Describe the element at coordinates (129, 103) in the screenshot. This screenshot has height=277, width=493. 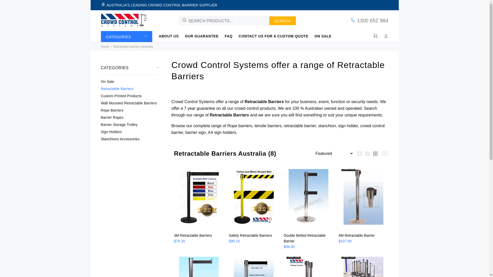
I see `'Wall Mounted Retractable Barriers'` at that location.